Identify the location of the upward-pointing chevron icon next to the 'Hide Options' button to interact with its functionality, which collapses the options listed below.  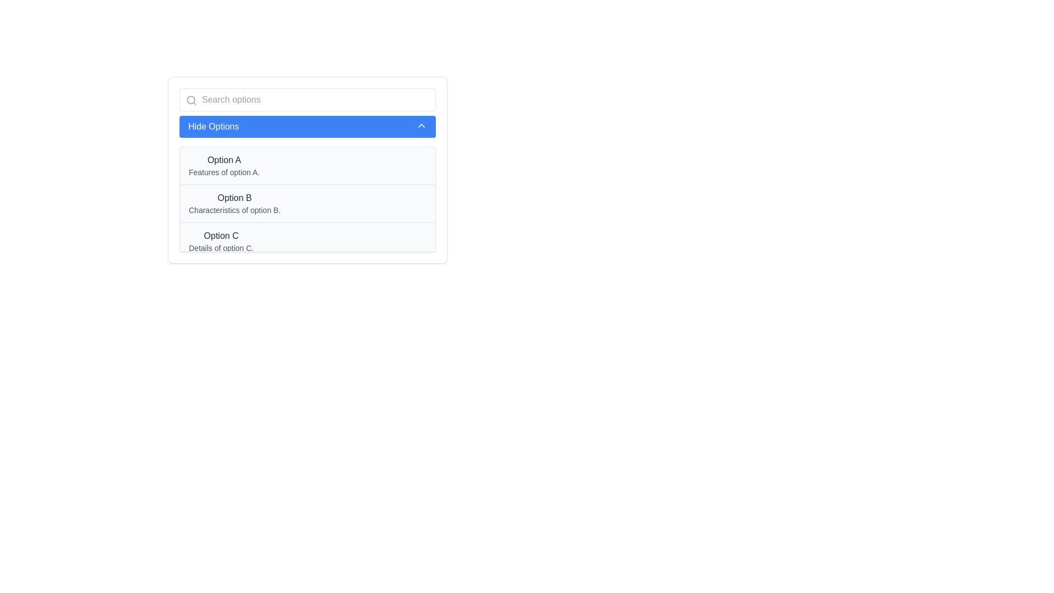
(421, 125).